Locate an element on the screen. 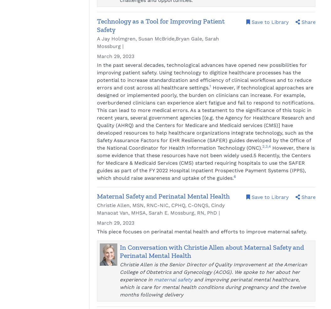 The height and width of the screenshot is (309, 331). '1' is located at coordinates (209, 86).